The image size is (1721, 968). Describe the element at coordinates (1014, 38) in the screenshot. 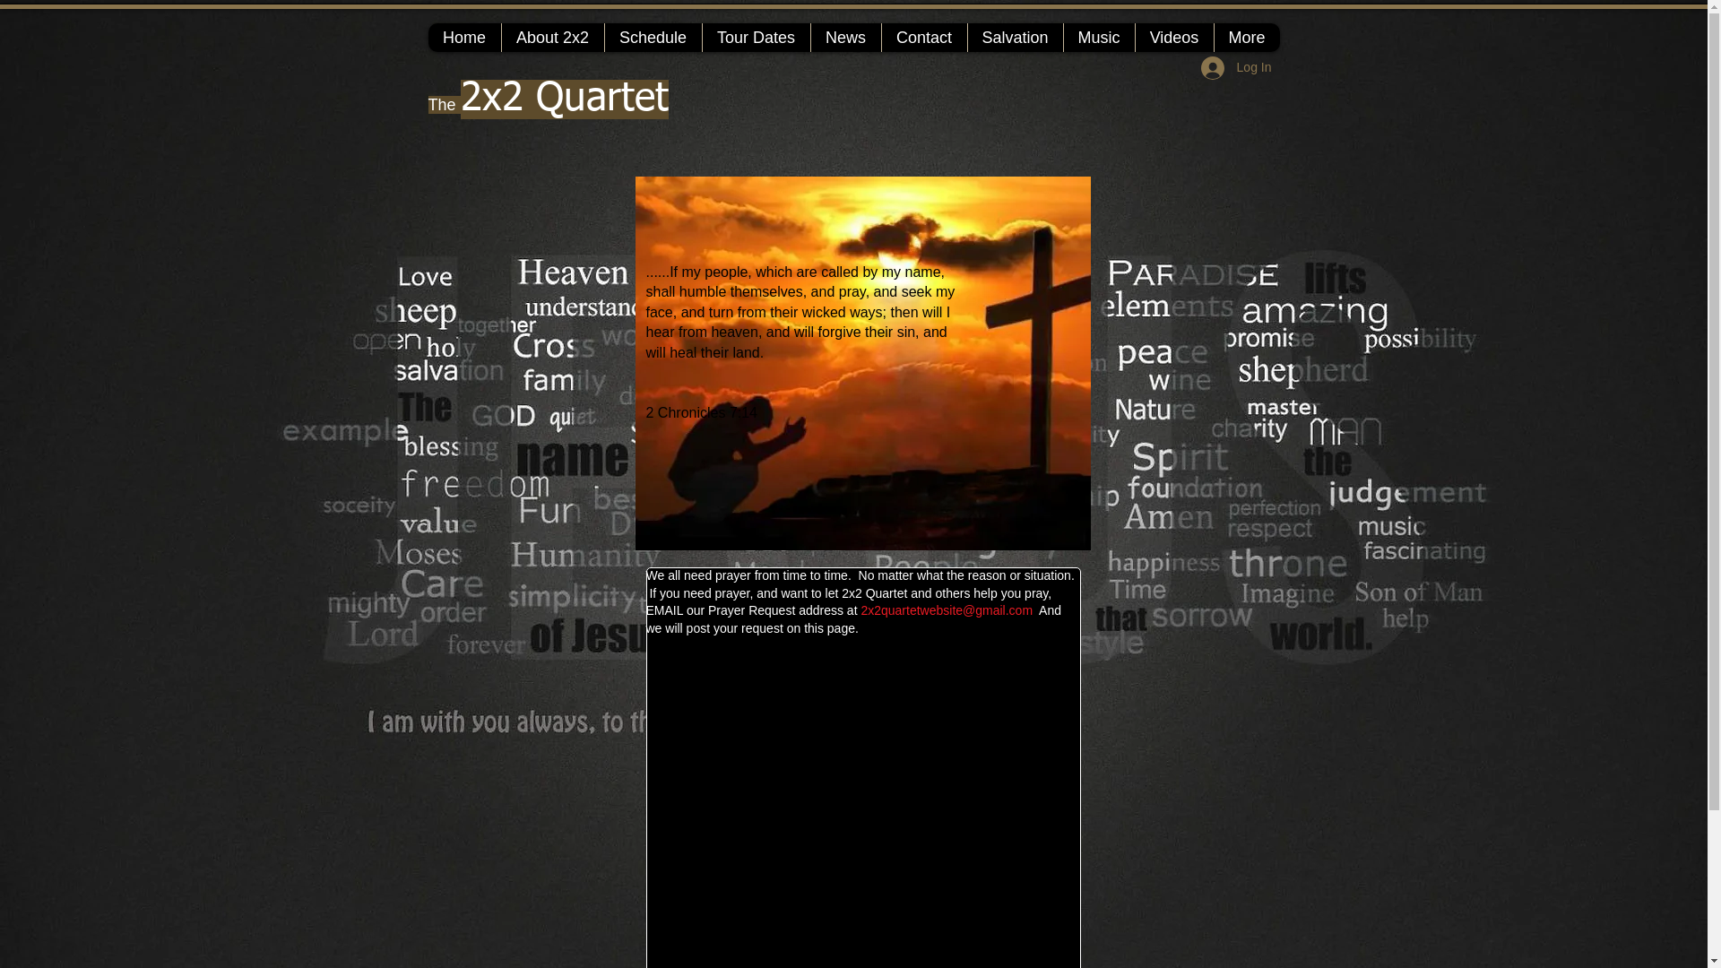

I see `'Salvation'` at that location.